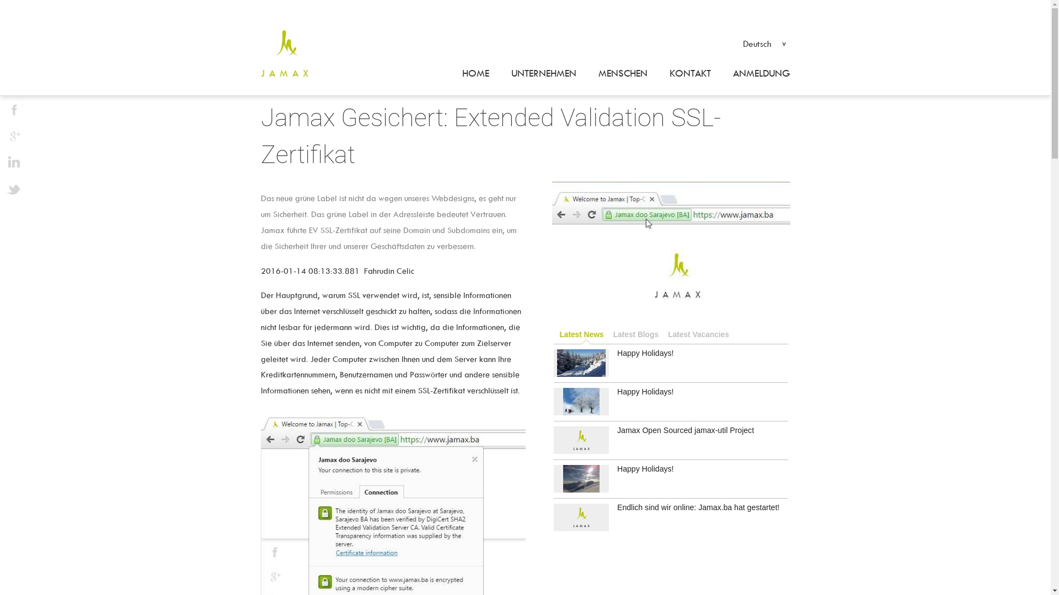 Image resolution: width=1059 pixels, height=595 pixels. I want to click on 'MENSCHEN', so click(622, 73).